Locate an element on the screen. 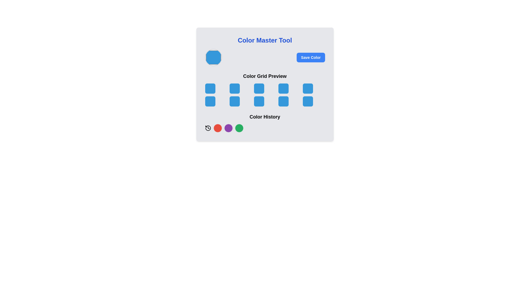 This screenshot has height=289, width=515. the third square in the second row of the 5-by-2 grid layout, which is a blue box with rounded corners and a border, located in the 'Color Grid Preview' section is located at coordinates (259, 101).